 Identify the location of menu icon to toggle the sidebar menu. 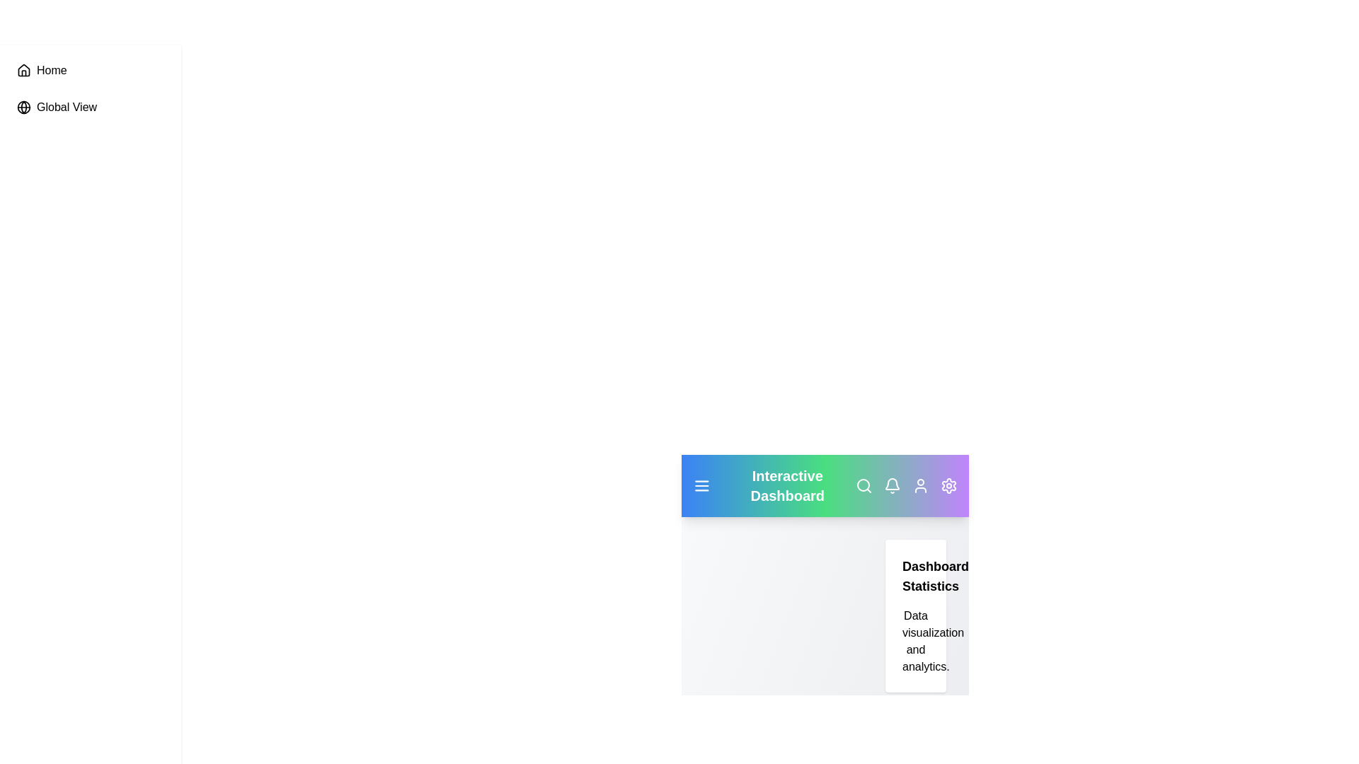
(701, 485).